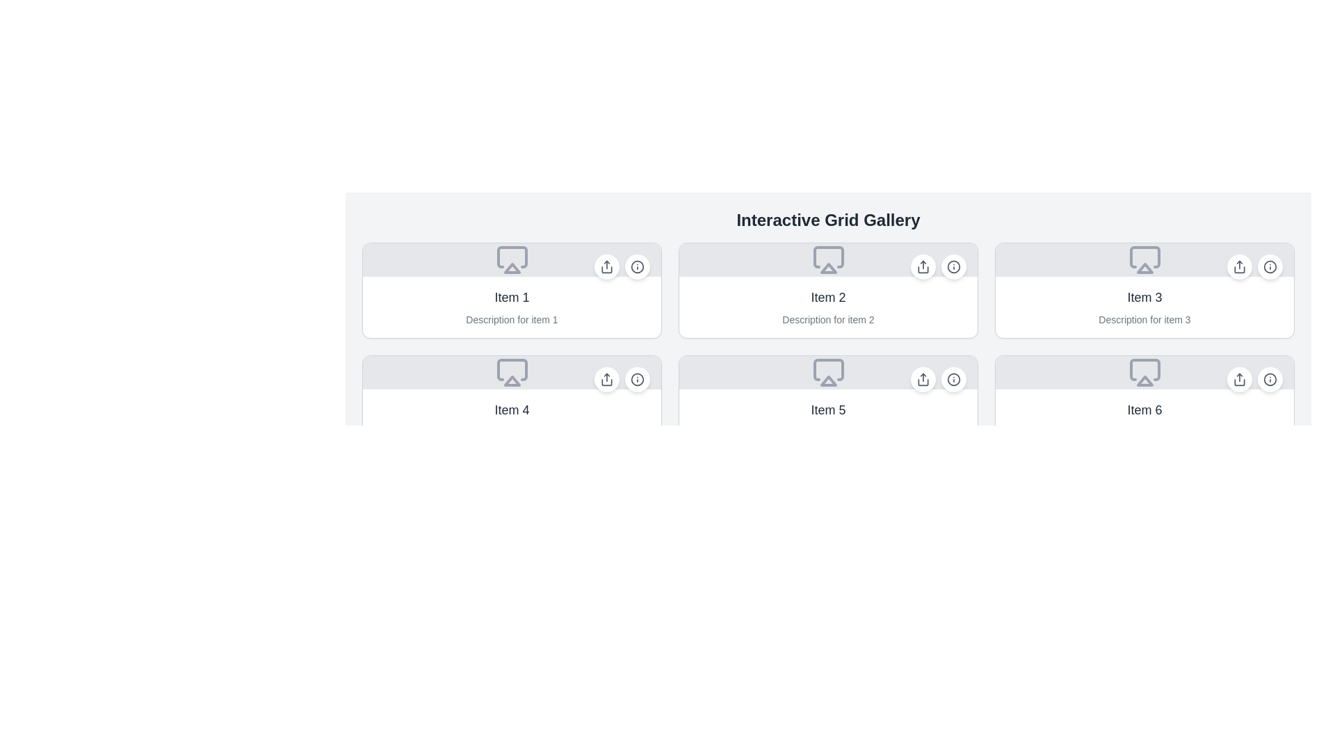 The image size is (1335, 751). What do you see at coordinates (636, 380) in the screenshot?
I see `the presence of the filled circle vector graphic component located at the center of the informational icon in the bottom-right corner of the grid cell labeled 'Item 4'` at bounding box center [636, 380].